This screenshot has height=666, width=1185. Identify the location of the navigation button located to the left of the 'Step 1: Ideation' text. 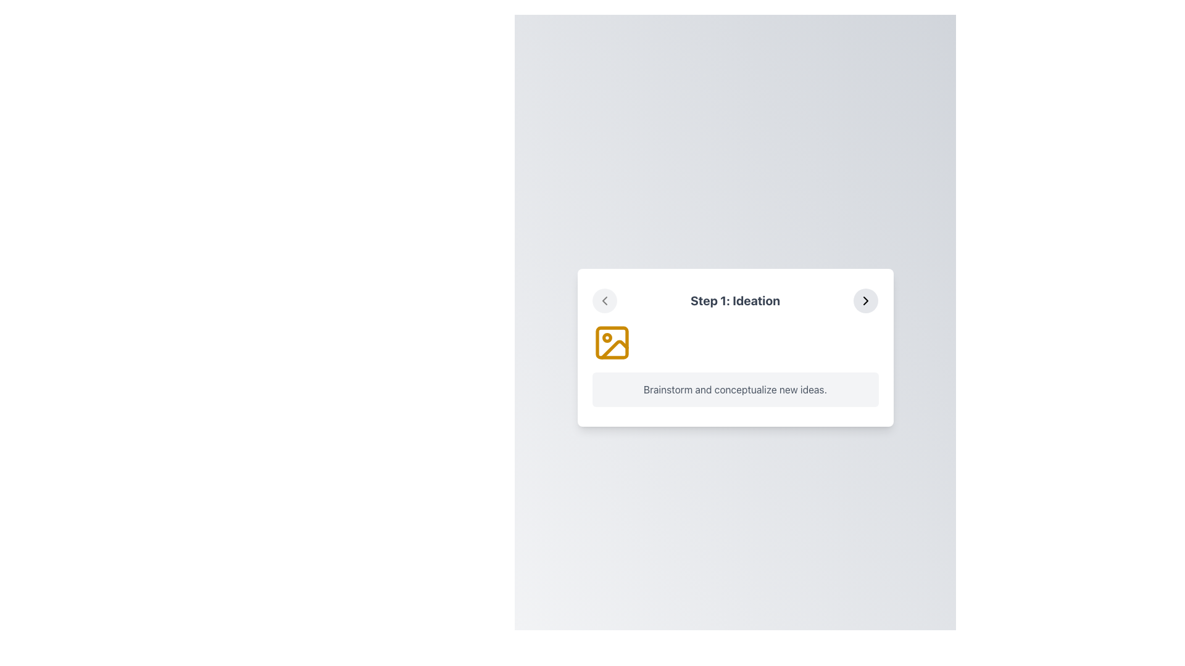
(604, 301).